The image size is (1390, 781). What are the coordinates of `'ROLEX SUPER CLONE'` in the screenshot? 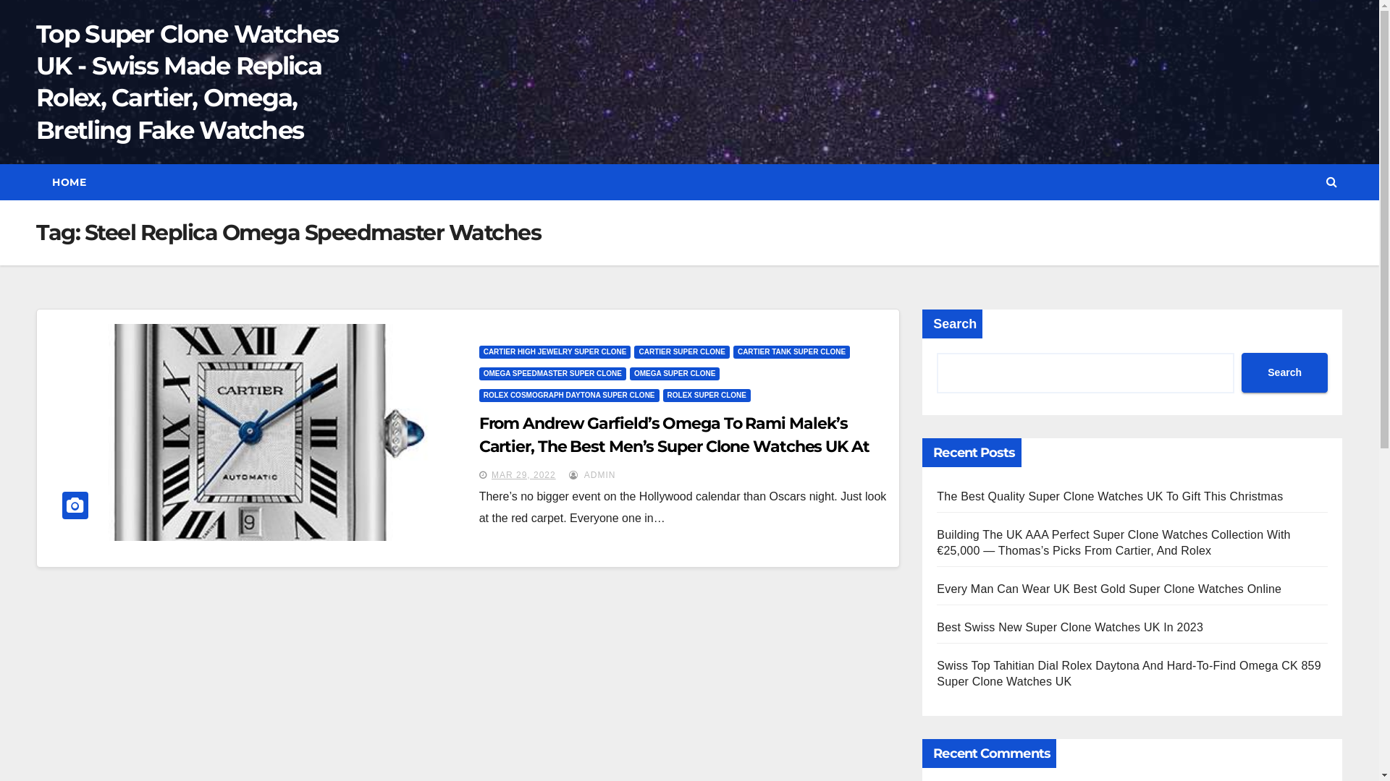 It's located at (707, 396).